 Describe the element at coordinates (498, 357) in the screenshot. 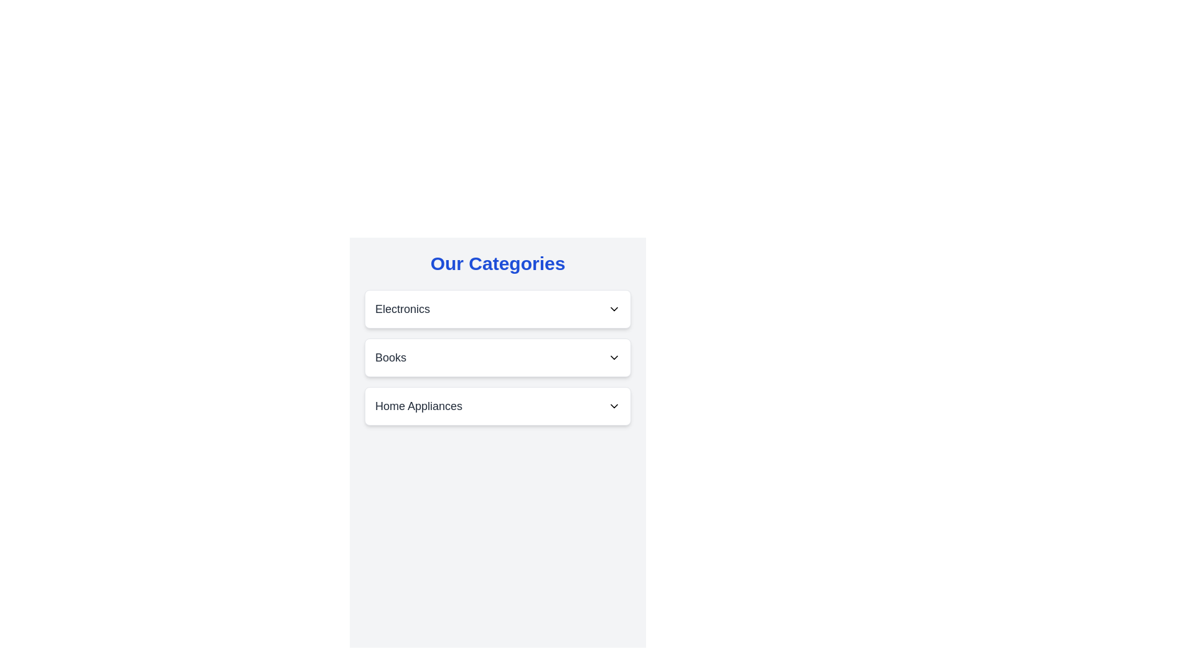

I see `the 'Books' dropdown menu entry in the categories section, which is the second segment in a vertical list below the 'Electronics' segment and above the 'Home Appliances' segment` at that location.